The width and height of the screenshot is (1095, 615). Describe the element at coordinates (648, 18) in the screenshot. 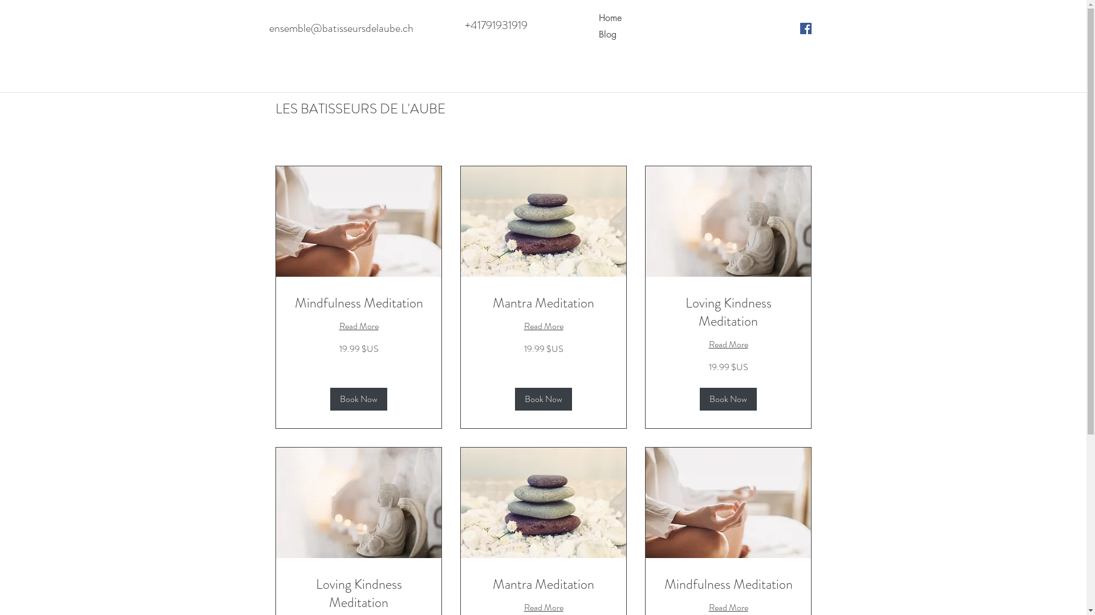

I see `'Home'` at that location.